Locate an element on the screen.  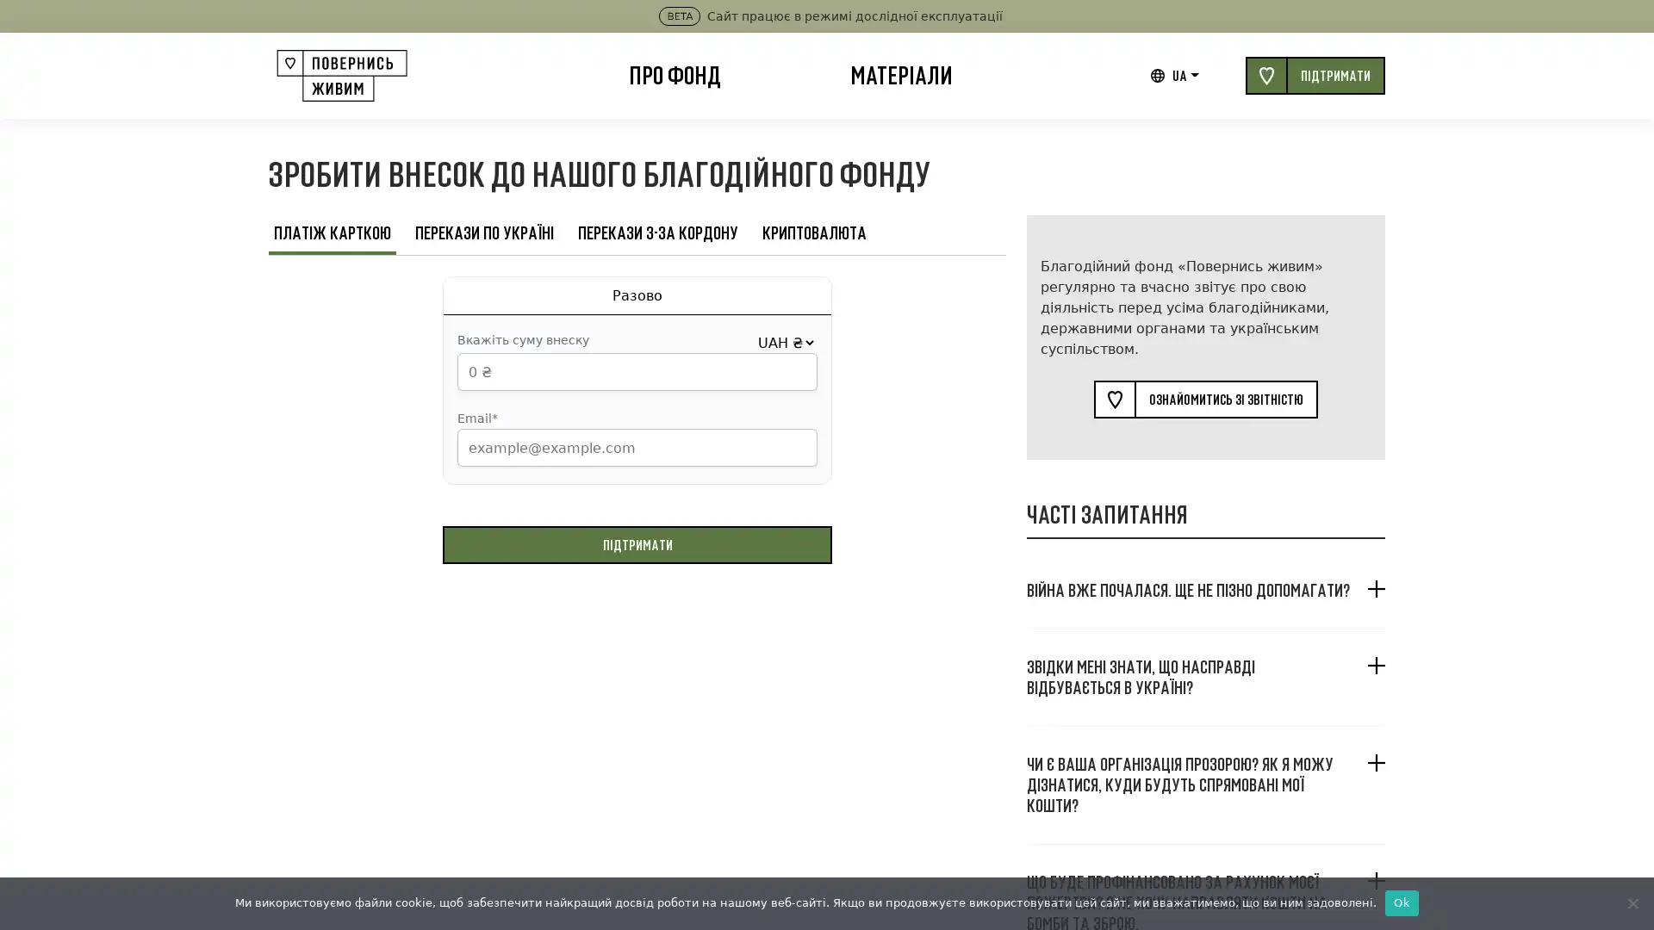
UA is located at coordinates (1185, 75).